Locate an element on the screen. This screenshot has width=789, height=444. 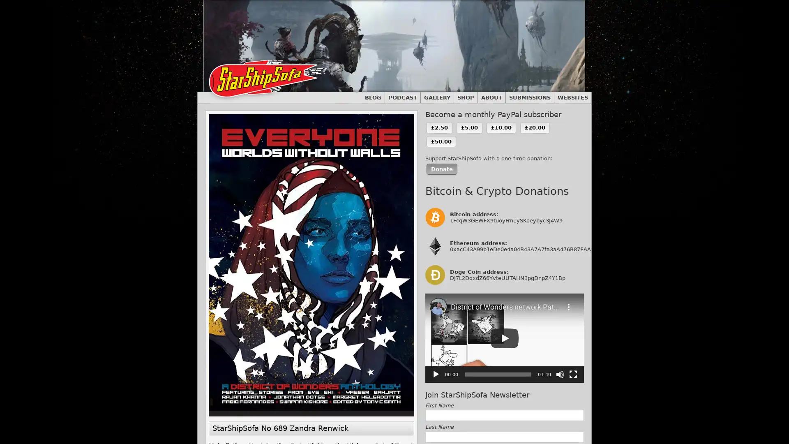
Mute is located at coordinates (560, 374).